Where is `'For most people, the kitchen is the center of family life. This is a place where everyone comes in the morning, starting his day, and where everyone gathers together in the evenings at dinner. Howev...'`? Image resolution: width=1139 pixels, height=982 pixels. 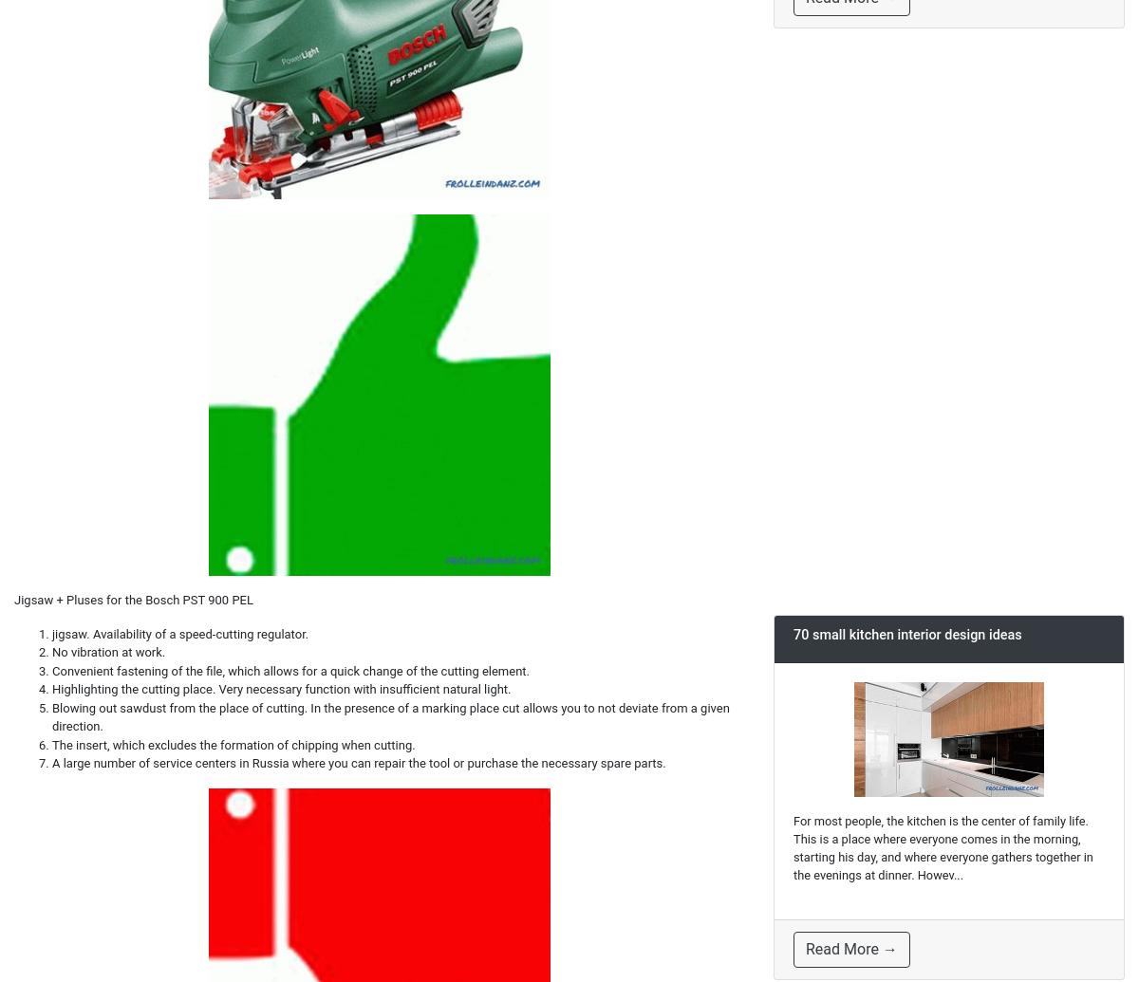 'For most people, the kitchen is the center of family life. This is a place where everyone comes in the morning, starting his day, and where everyone gathers together in the evenings at dinner. Howev...' is located at coordinates (943, 846).